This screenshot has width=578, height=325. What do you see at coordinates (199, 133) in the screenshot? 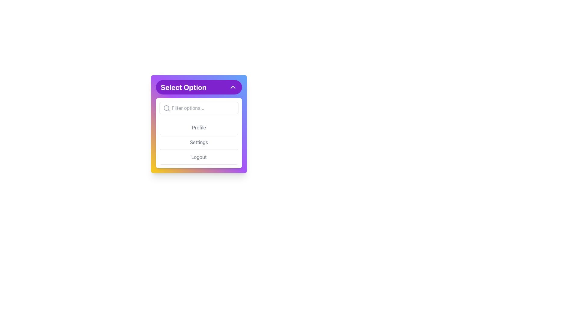
I see `the second option in the Dropdown Menu, which contains 'Settings'` at bounding box center [199, 133].